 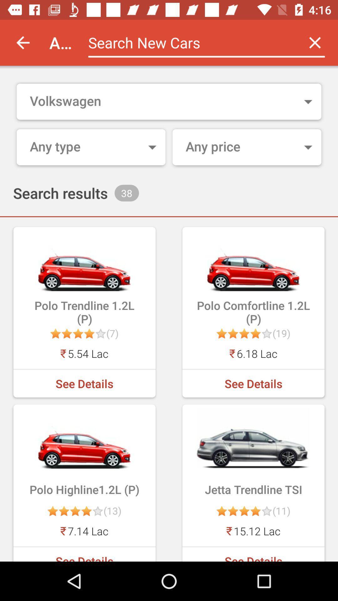 I want to click on searches for information, so click(x=190, y=42).